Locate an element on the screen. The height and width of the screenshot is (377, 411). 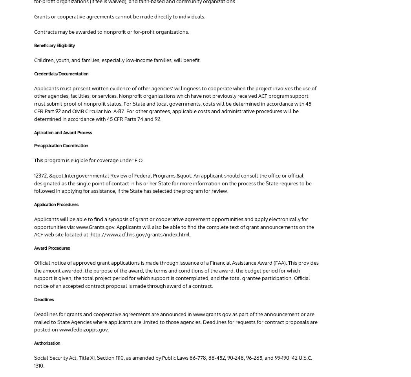
'Children, youth, and families, especially low-income families, will benefit.' is located at coordinates (117, 59).